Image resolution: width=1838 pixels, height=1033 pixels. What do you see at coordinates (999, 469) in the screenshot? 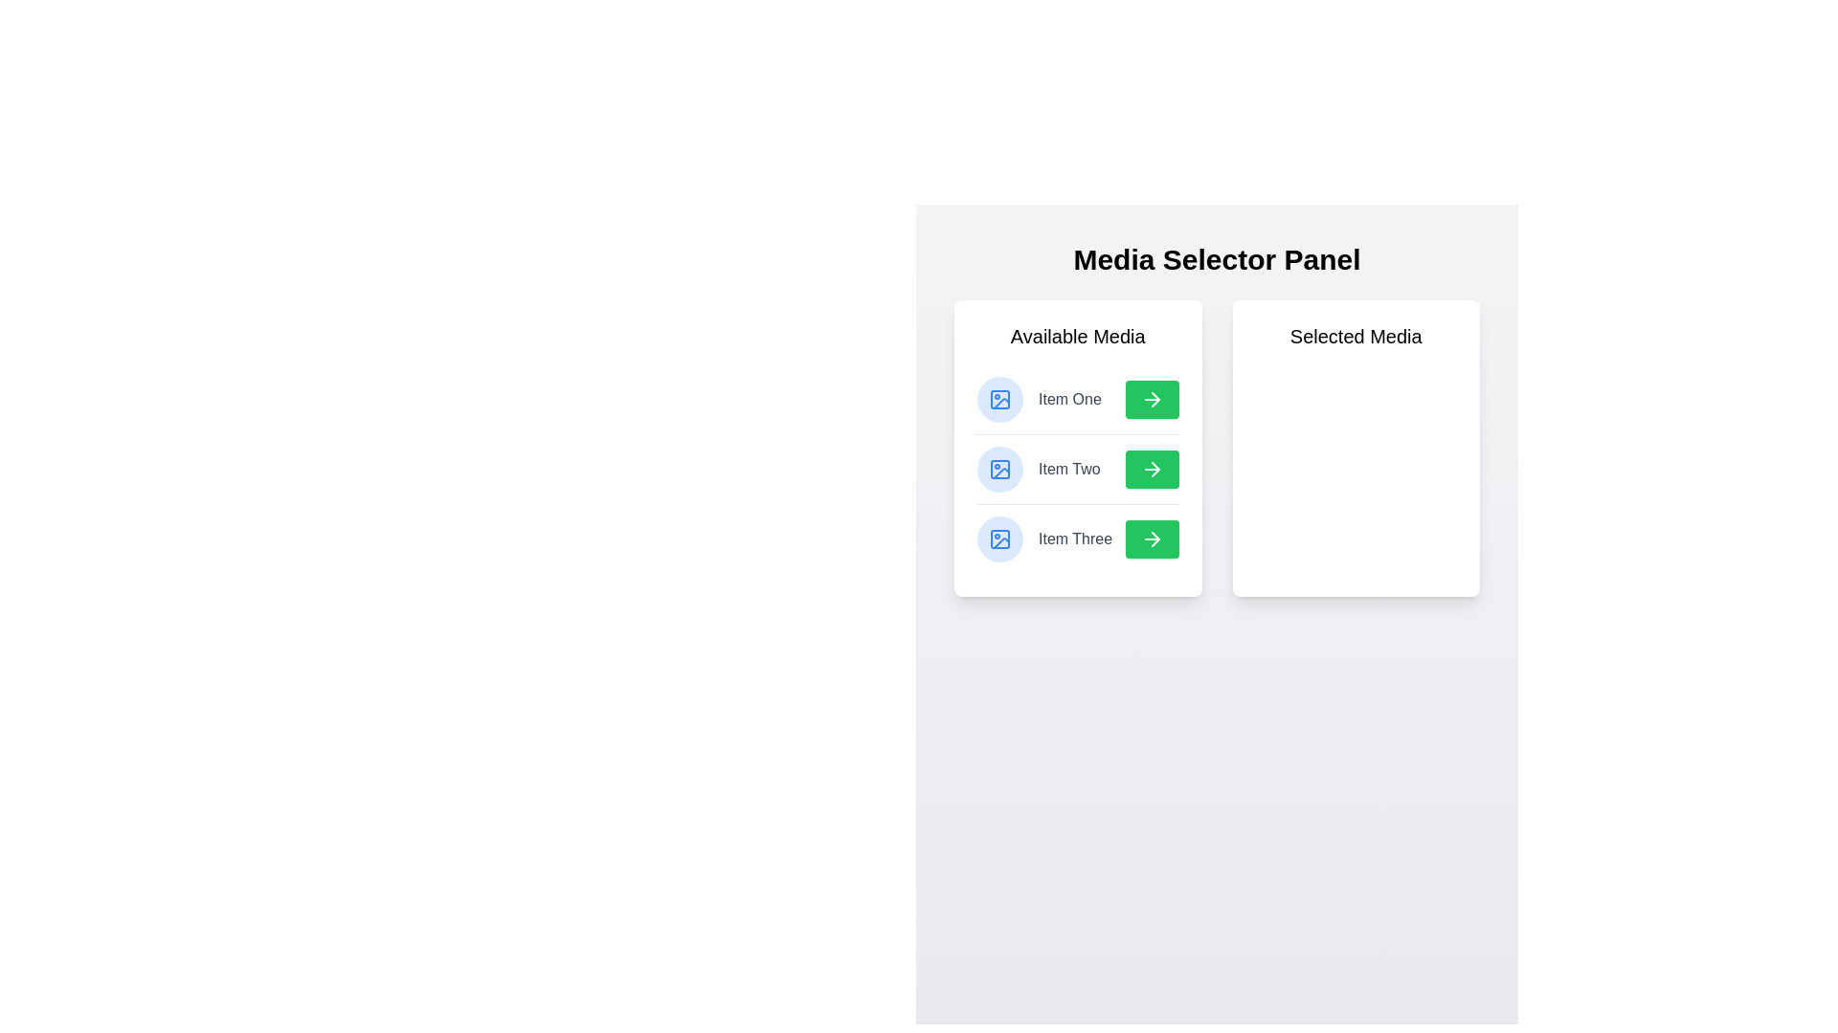
I see `the circular icon with a blue background and a white border that contains a photo frame symbol, located to the left of the text label 'Item Two' in the 'Available Media' section` at bounding box center [999, 469].